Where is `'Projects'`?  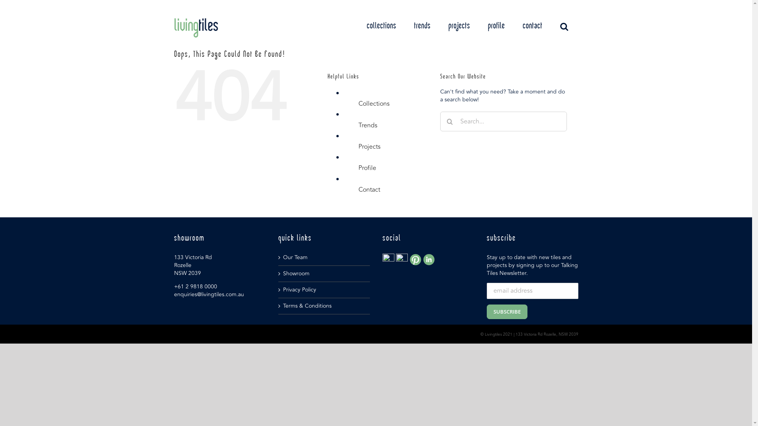 'Projects' is located at coordinates (369, 146).